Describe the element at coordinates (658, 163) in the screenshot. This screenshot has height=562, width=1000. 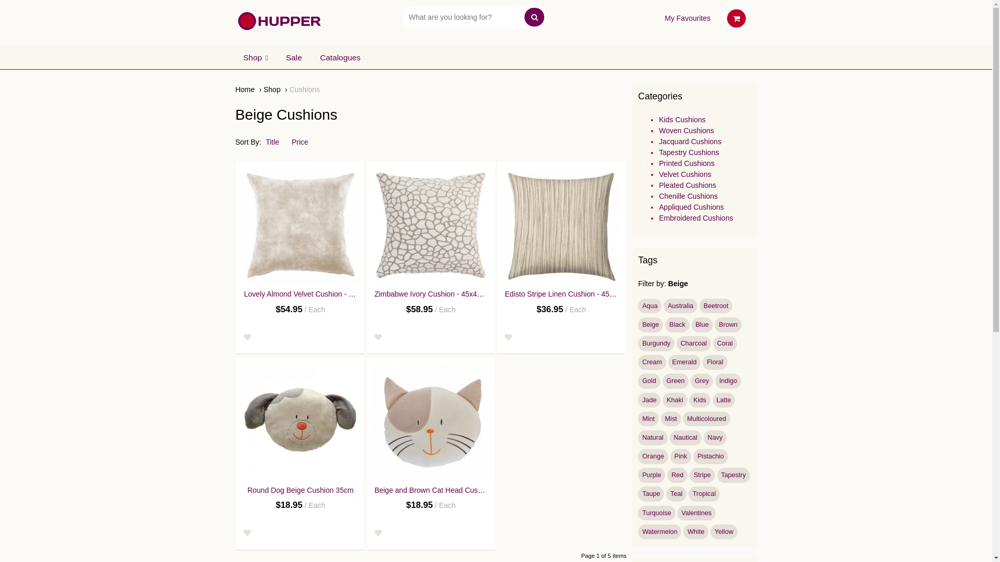
I see `'Printed Cushions'` at that location.